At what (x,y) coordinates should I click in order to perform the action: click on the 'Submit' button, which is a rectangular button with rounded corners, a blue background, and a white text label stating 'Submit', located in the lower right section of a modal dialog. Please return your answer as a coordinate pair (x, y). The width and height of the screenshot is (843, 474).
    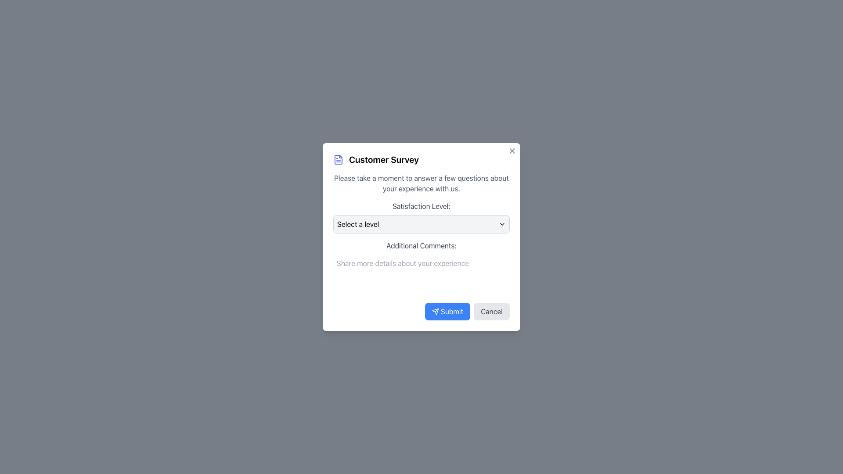
    Looking at the image, I should click on (447, 311).